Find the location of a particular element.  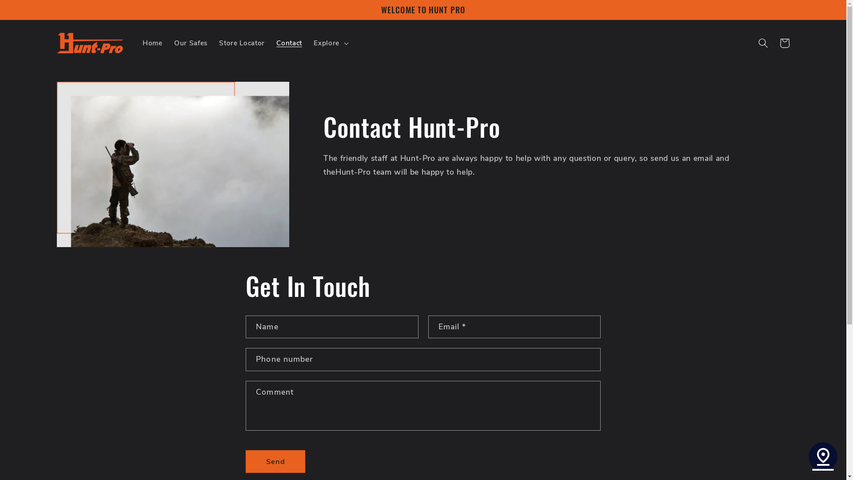

'Store Locator' is located at coordinates (242, 43).